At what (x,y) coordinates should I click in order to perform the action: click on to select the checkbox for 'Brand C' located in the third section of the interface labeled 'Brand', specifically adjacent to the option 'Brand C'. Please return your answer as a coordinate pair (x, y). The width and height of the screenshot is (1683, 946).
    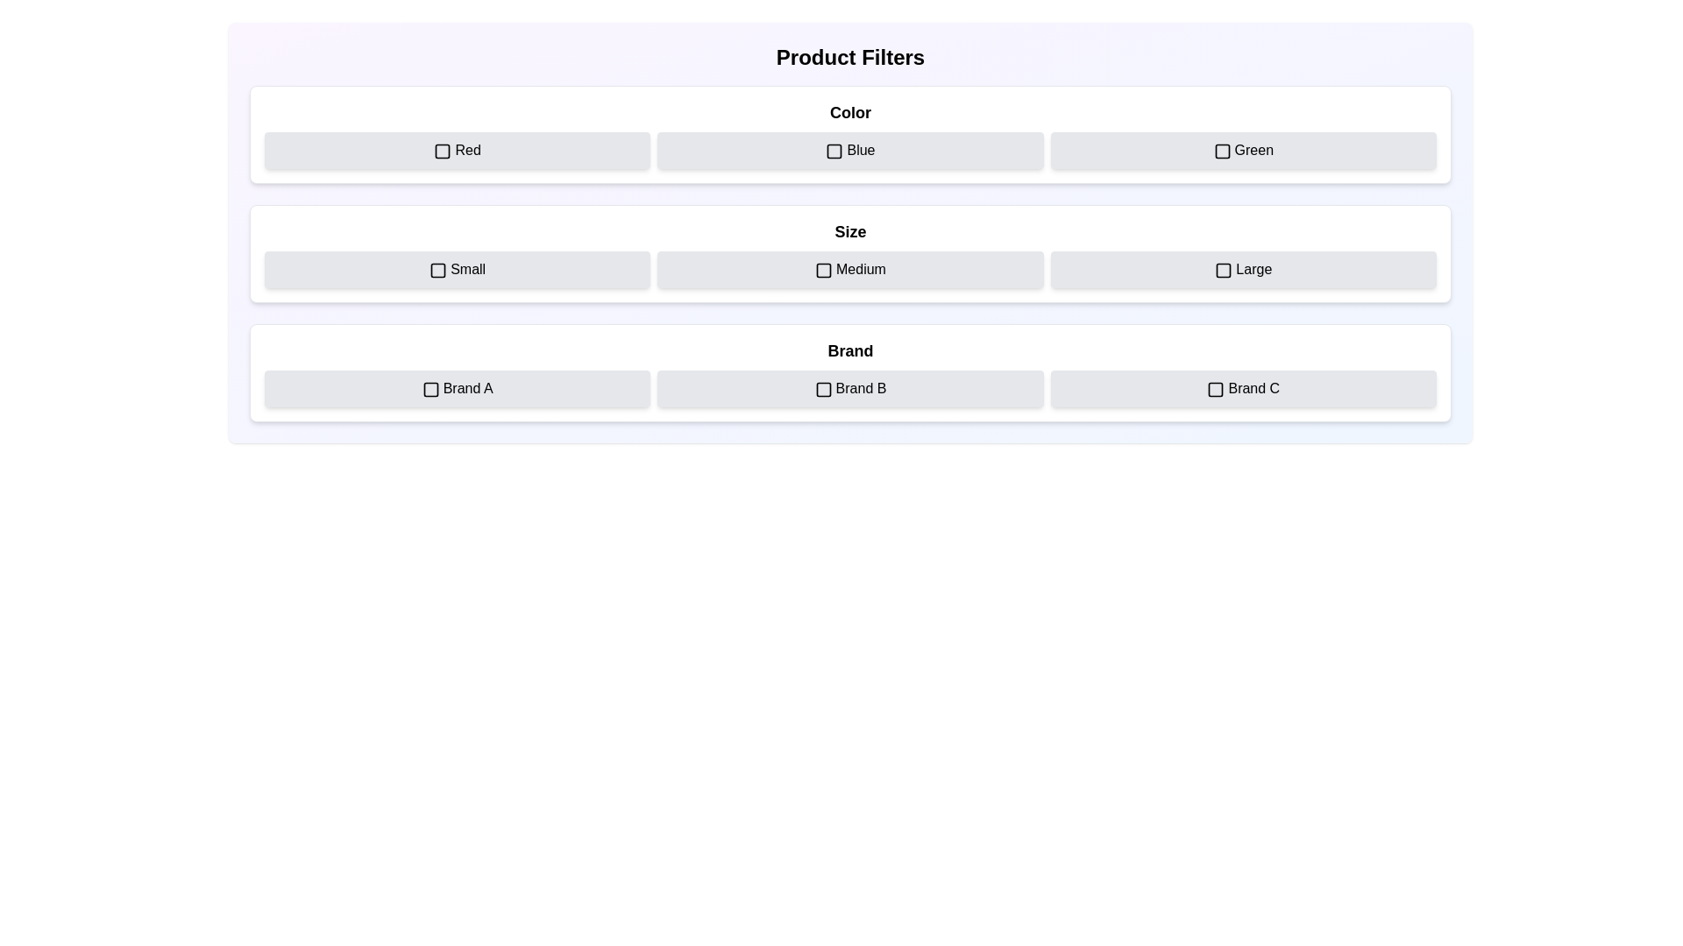
    Looking at the image, I should click on (1215, 388).